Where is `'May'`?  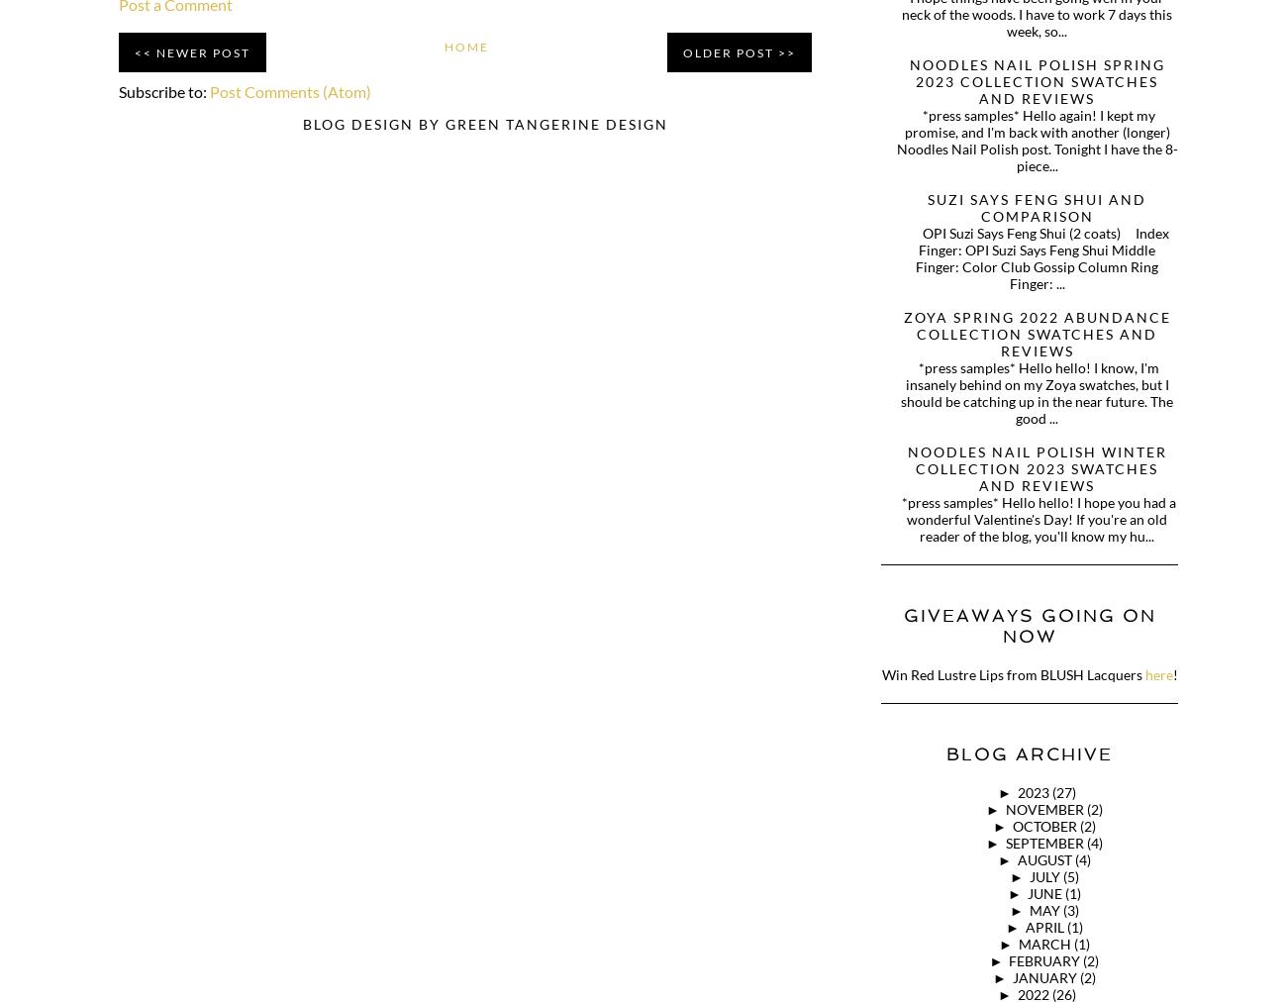
'May' is located at coordinates (1044, 910).